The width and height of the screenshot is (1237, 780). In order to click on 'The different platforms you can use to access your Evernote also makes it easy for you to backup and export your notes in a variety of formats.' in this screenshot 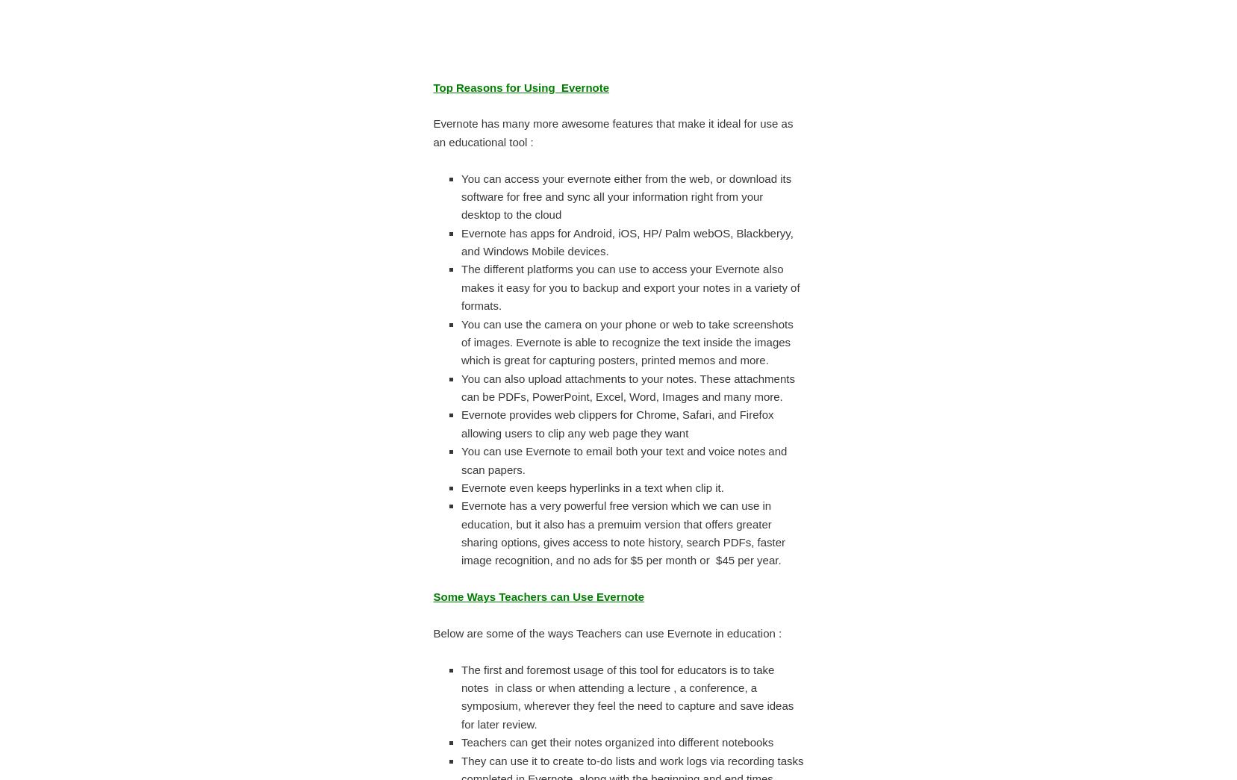, I will do `click(461, 286)`.